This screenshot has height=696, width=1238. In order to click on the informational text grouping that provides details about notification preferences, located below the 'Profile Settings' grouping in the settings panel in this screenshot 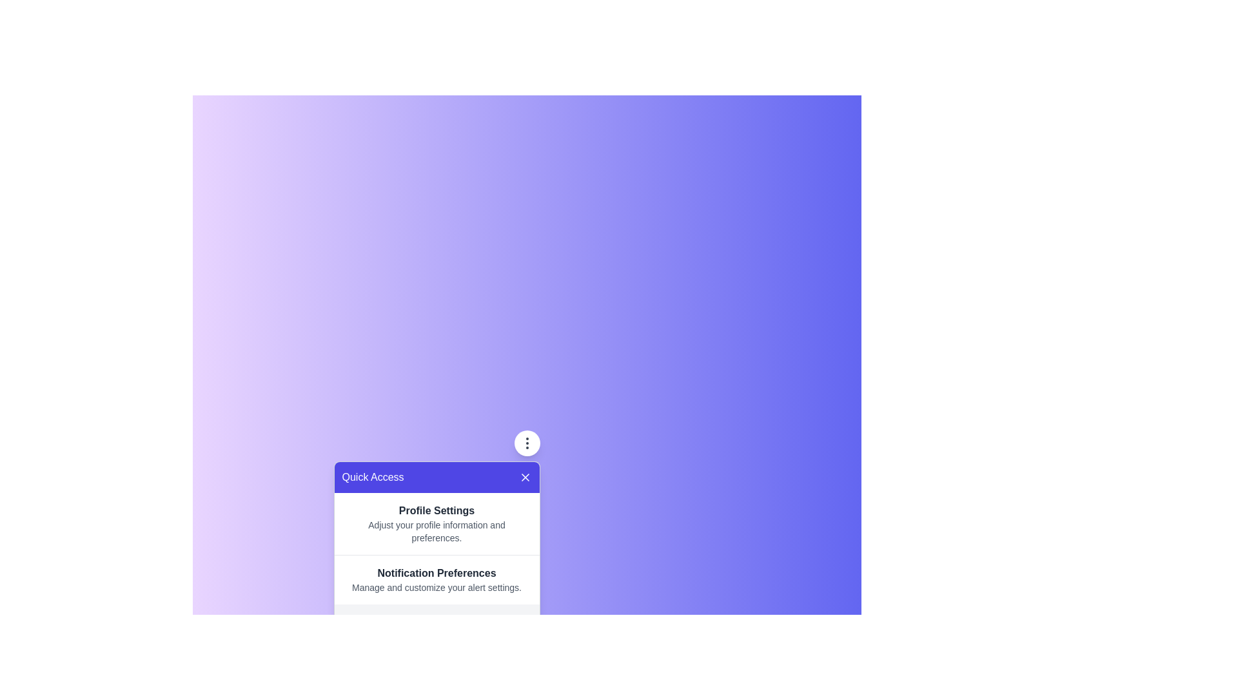, I will do `click(437, 579)`.